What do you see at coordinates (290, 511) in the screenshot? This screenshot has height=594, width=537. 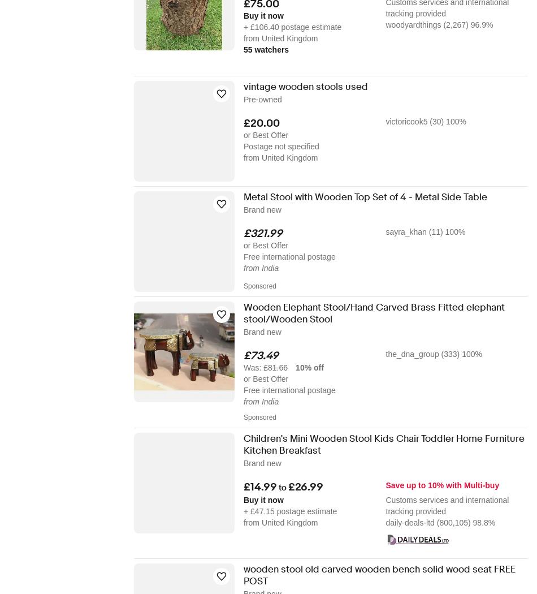 I see `'+ £47.15 postage estimate'` at bounding box center [290, 511].